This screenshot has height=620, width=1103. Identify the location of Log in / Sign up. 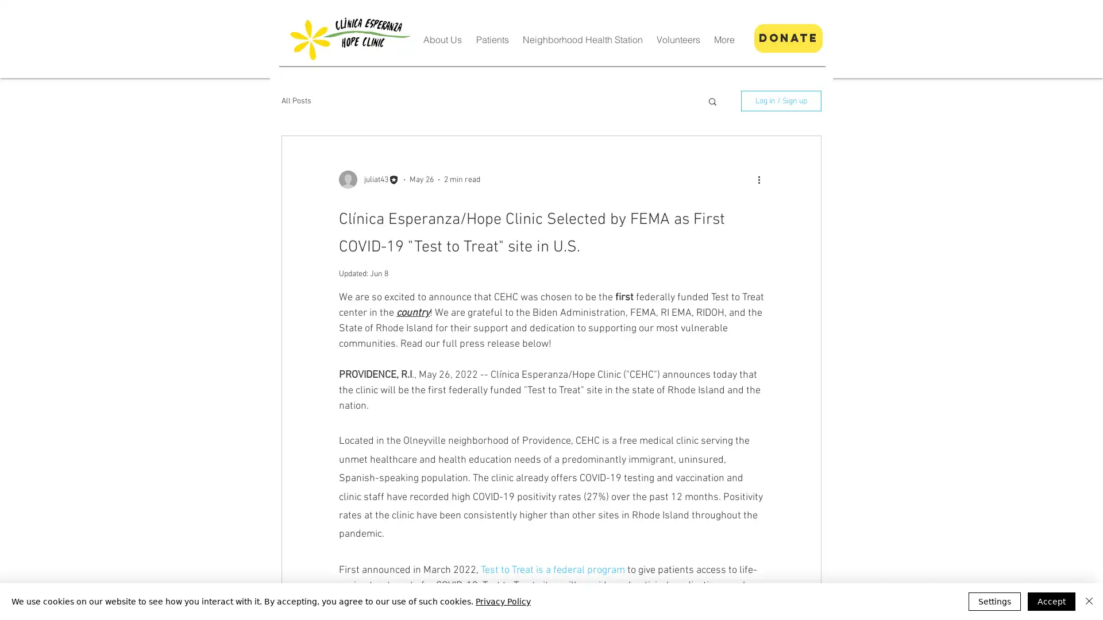
(781, 100).